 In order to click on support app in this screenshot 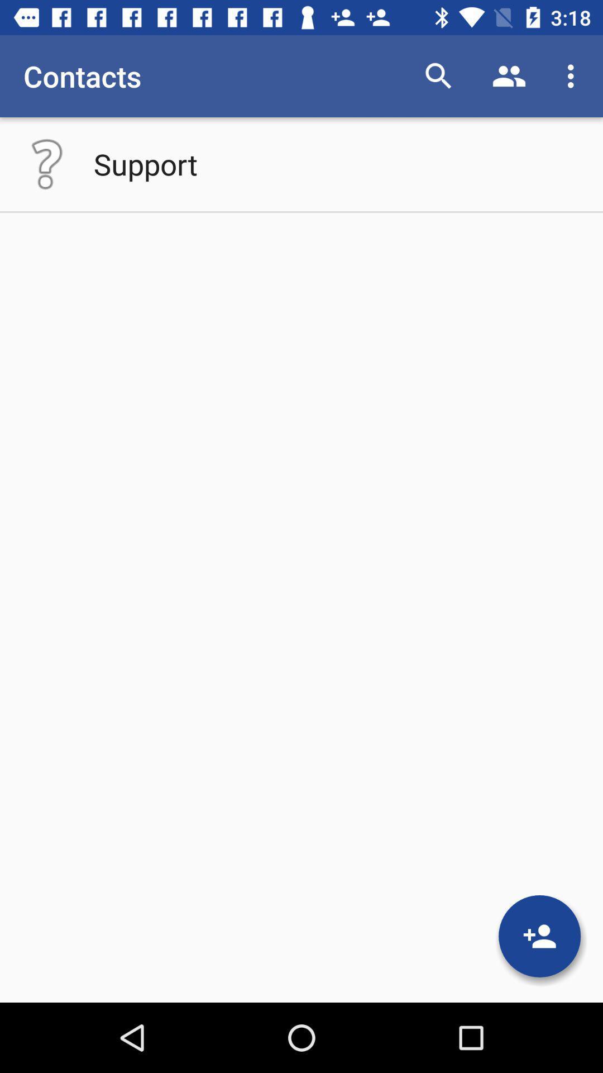, I will do `click(145, 163)`.